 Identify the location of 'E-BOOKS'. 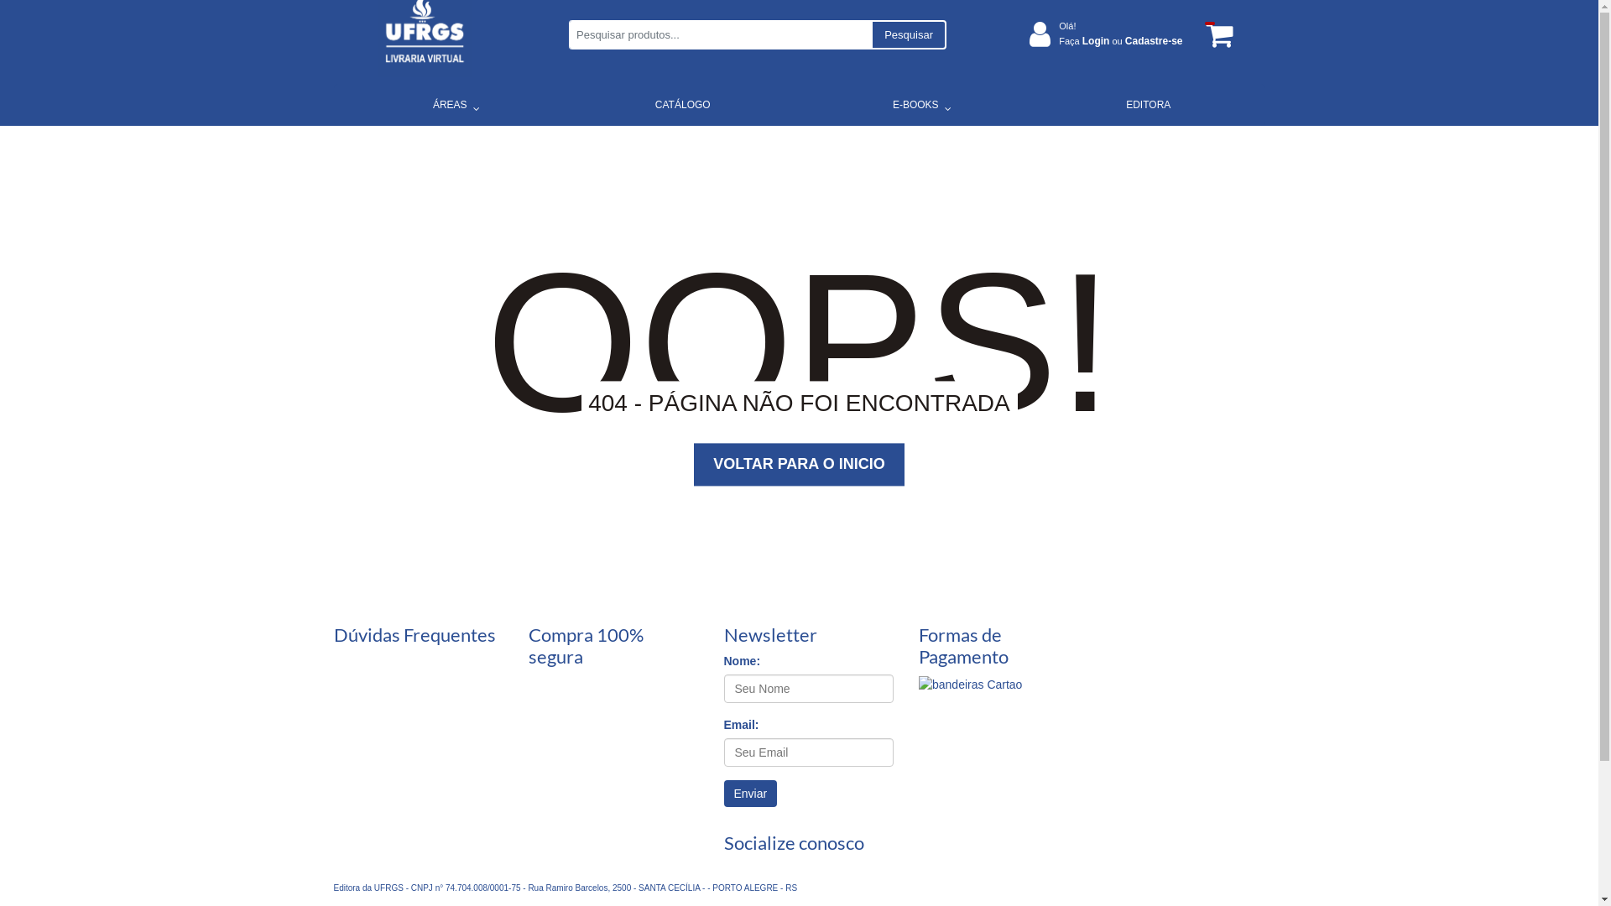
(914, 104).